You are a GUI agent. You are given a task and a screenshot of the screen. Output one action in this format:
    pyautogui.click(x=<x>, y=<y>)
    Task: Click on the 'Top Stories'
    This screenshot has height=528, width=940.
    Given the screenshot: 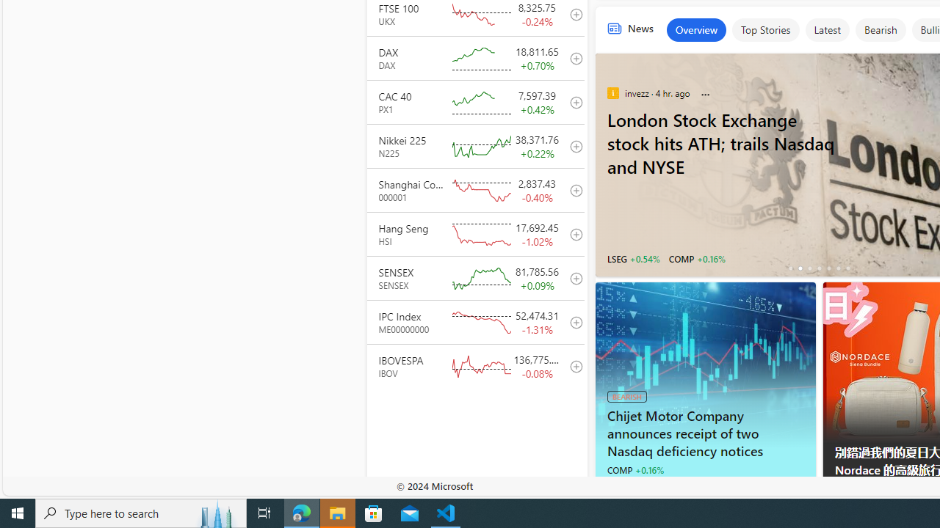 What is the action you would take?
    pyautogui.click(x=764, y=30)
    